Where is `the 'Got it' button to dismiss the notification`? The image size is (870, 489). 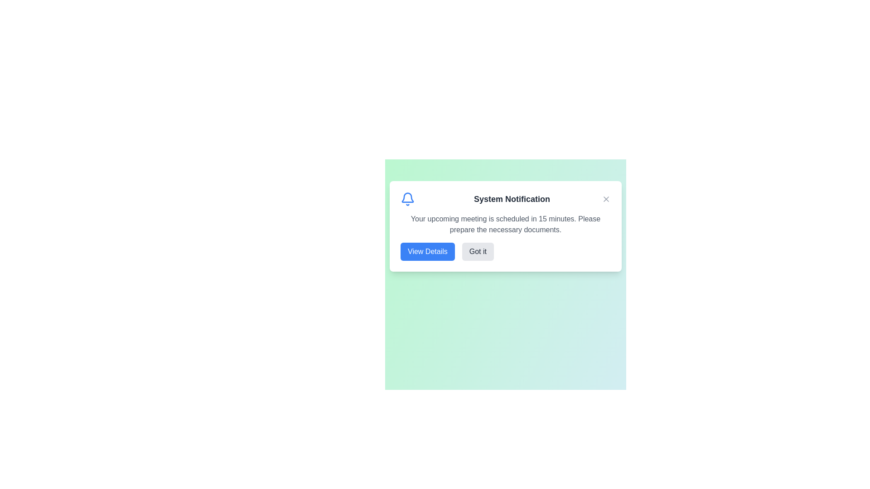
the 'Got it' button to dismiss the notification is located at coordinates (477, 251).